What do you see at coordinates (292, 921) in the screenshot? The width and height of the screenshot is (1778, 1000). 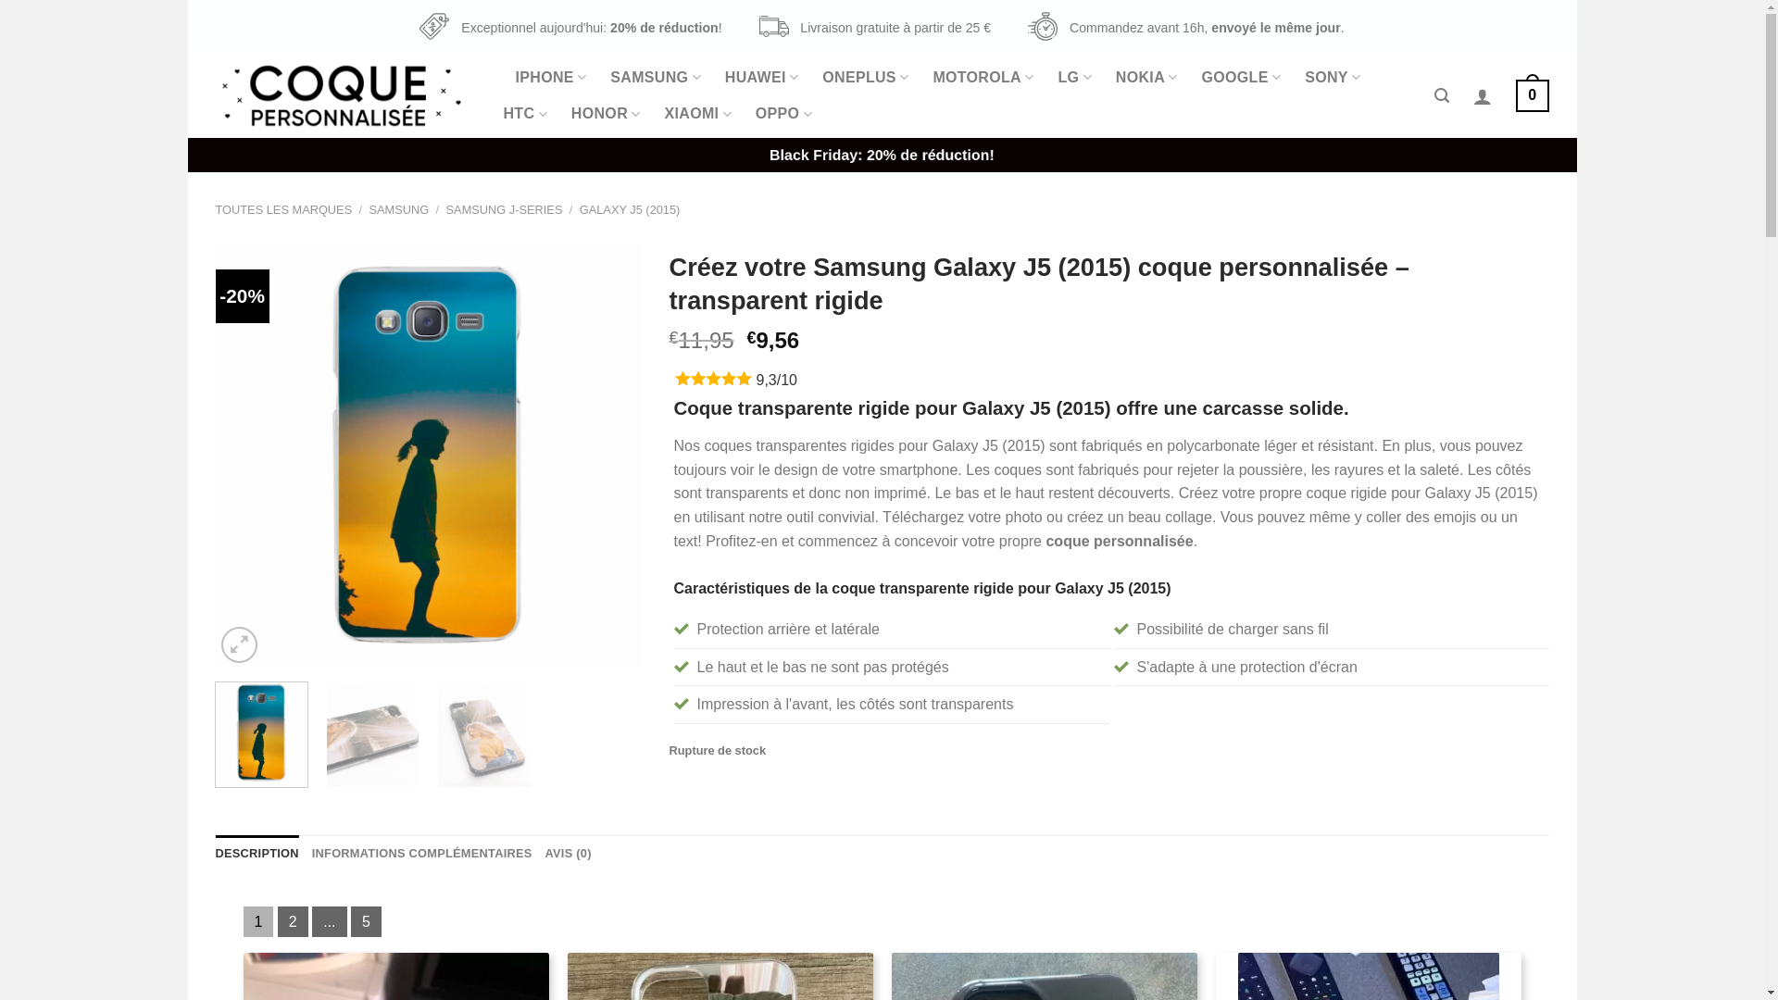 I see `'2'` at bounding box center [292, 921].